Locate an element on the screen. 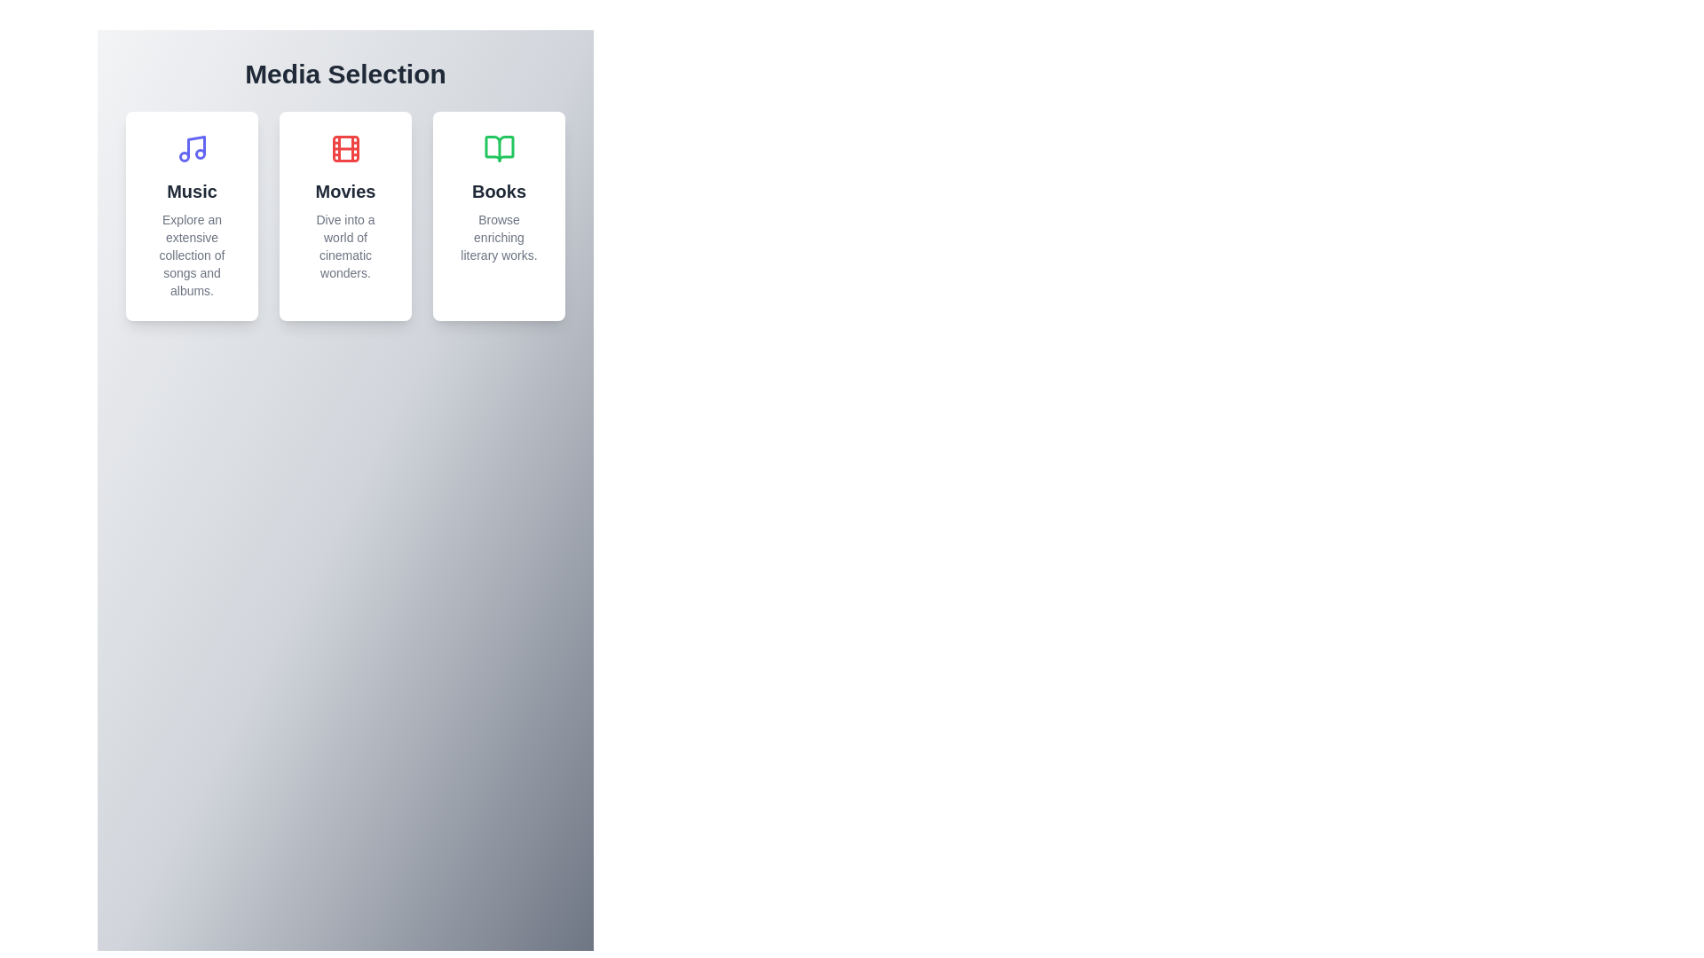 The height and width of the screenshot is (958, 1704). the 'Movies' informational card, which is the second item in a three-column grid layout, positioned between the 'Music' and 'Books' cards is located at coordinates (345, 215).